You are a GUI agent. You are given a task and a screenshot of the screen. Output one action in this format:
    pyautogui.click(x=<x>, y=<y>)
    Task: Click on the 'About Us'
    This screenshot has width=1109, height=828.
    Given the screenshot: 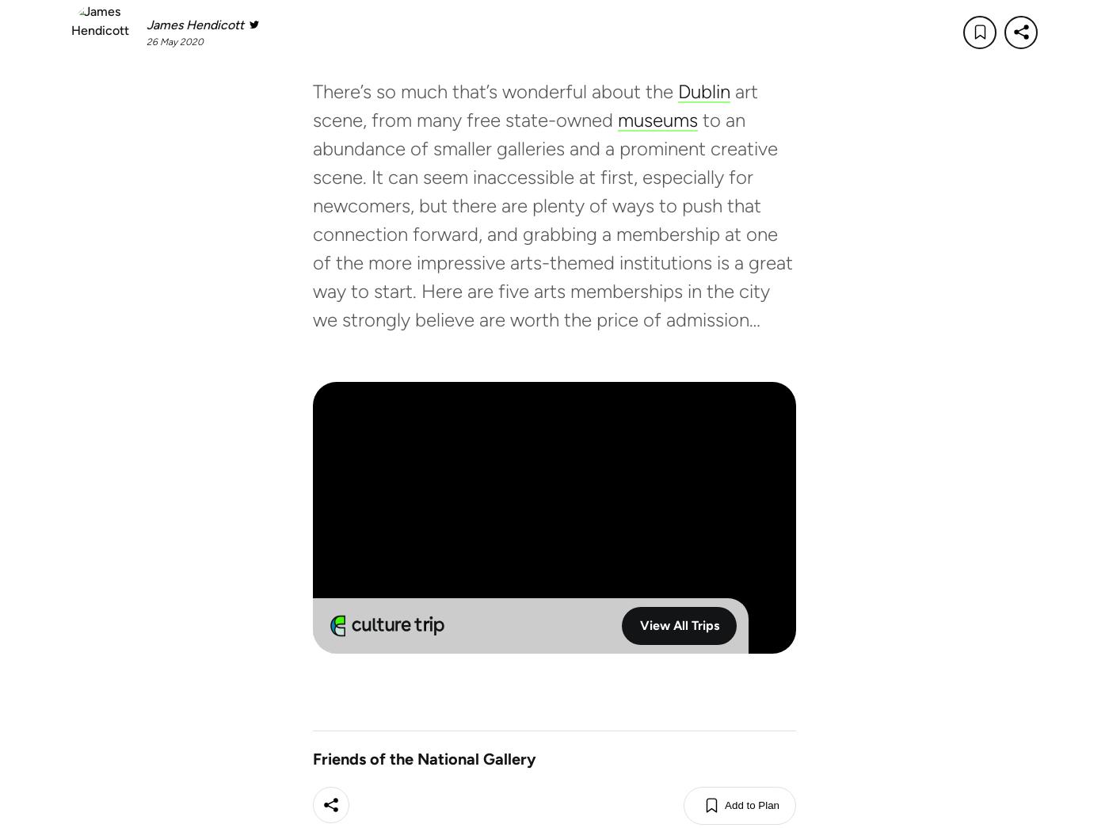 What is the action you would take?
    pyautogui.click(x=652, y=812)
    